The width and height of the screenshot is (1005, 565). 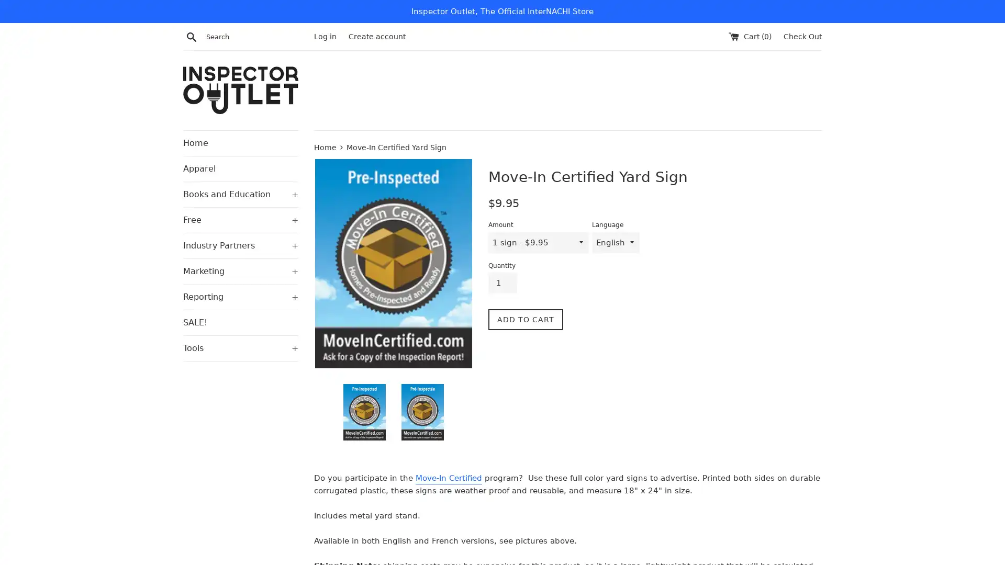 I want to click on Marketing +, so click(x=240, y=270).